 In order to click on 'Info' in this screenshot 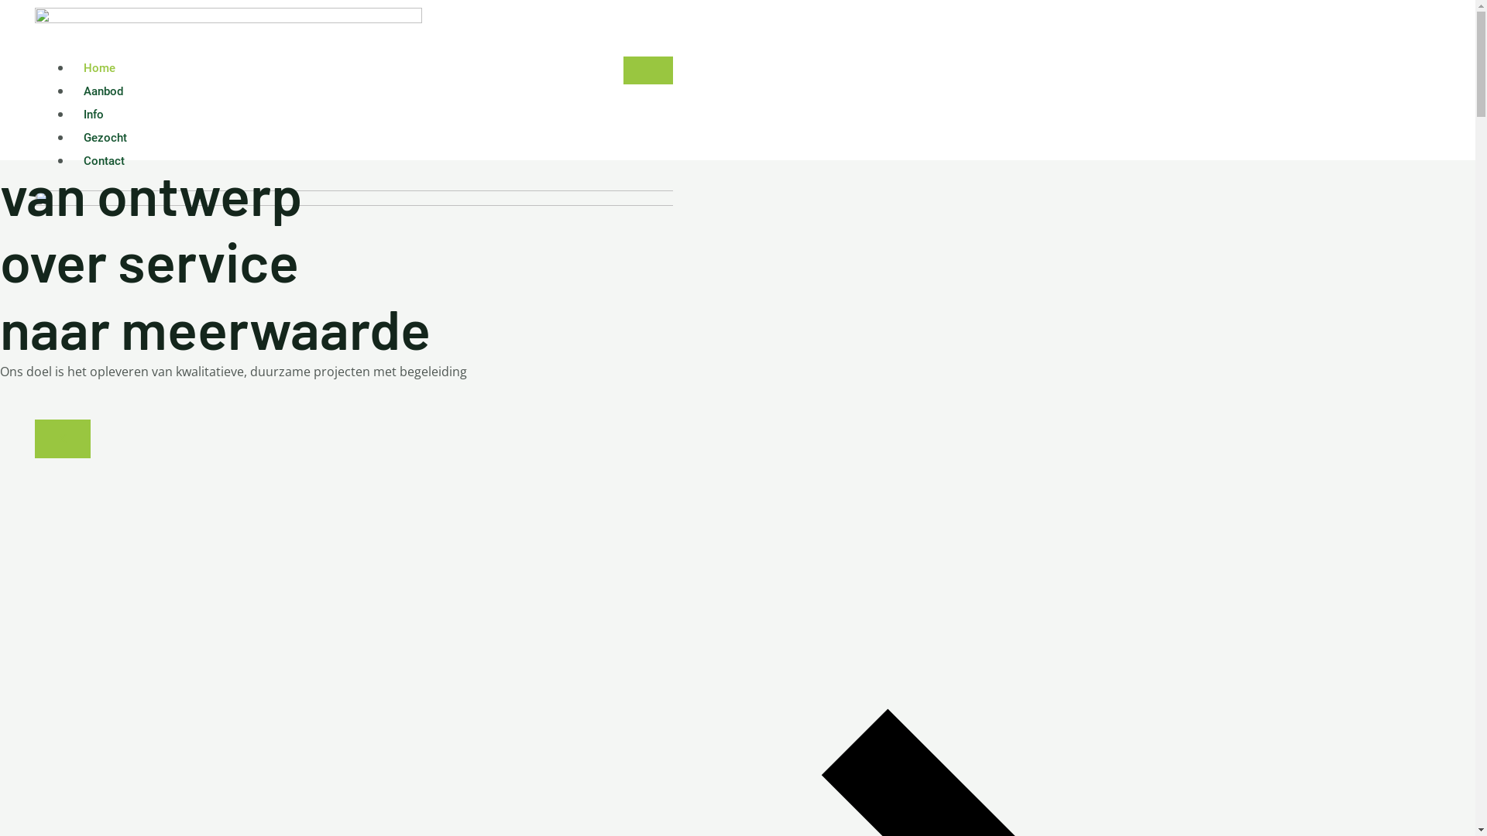, I will do `click(92, 113)`.